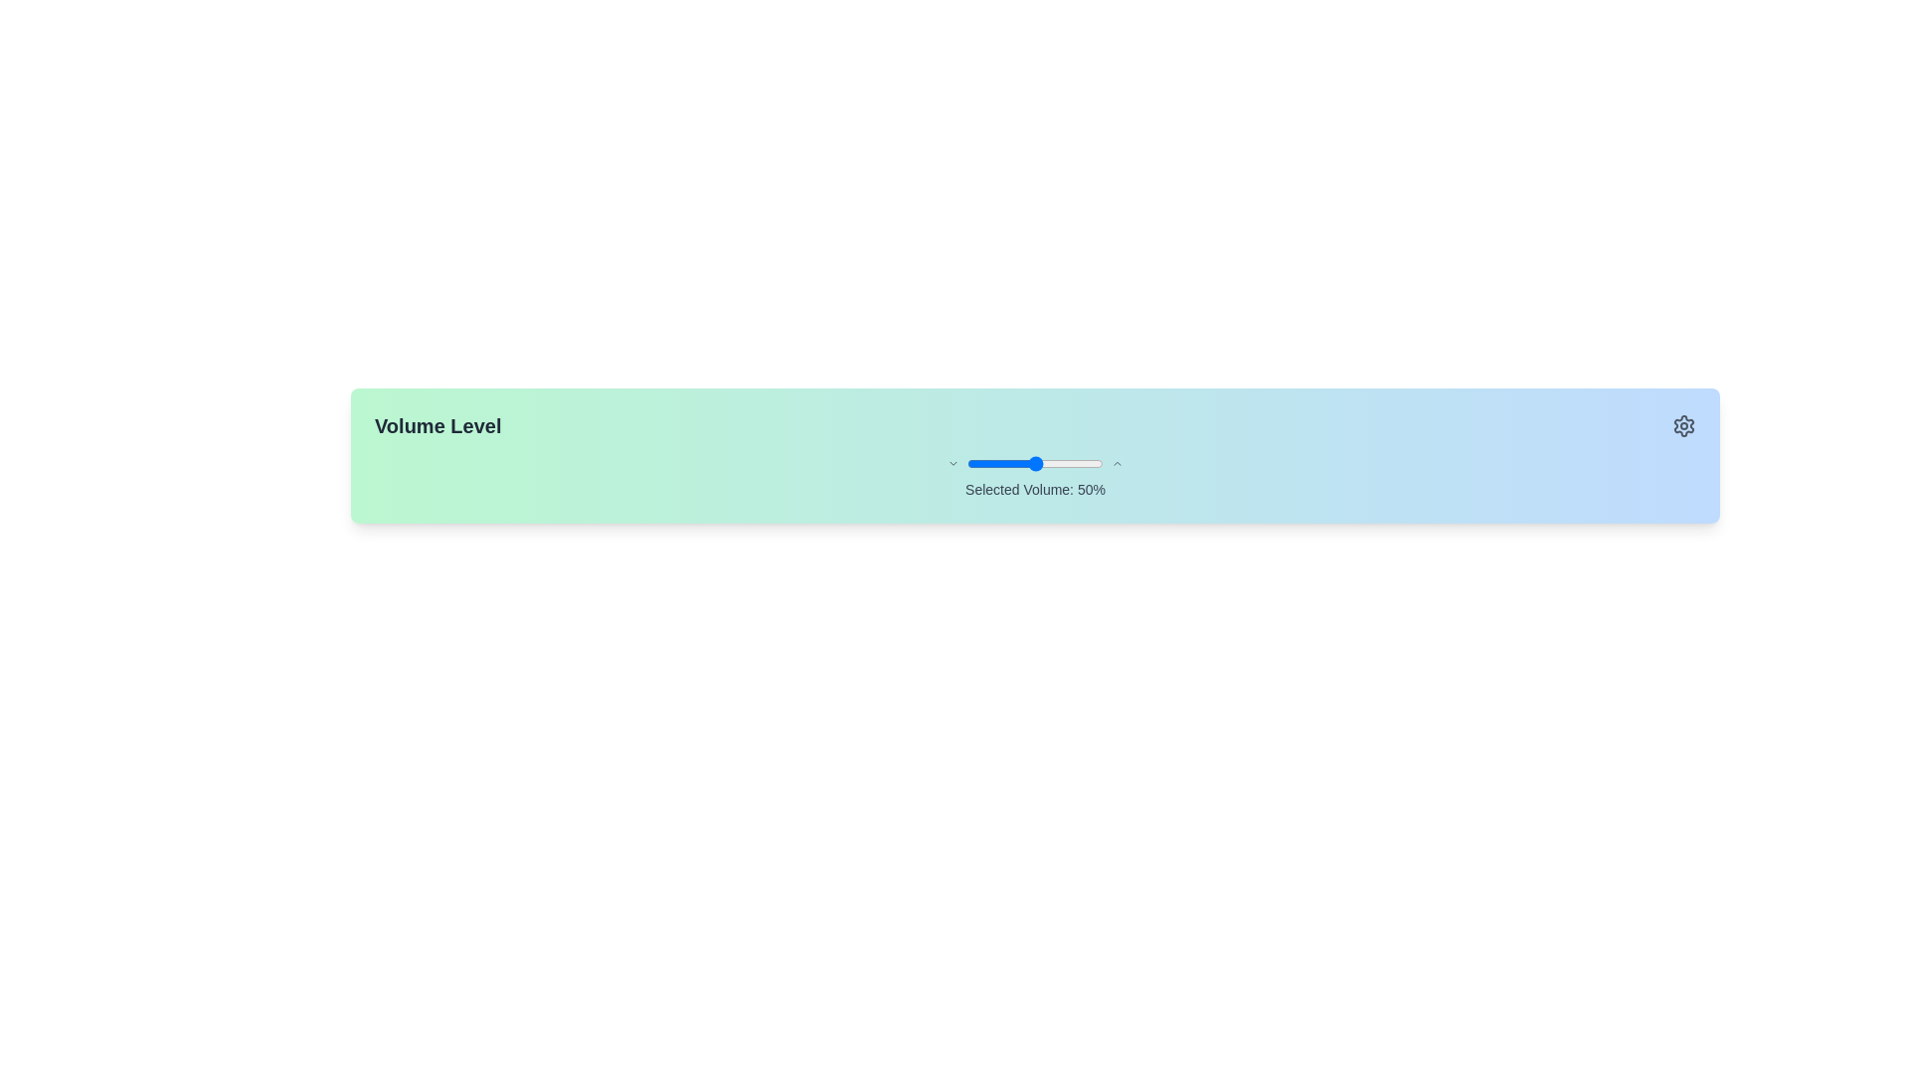  Describe the element at coordinates (1060, 463) in the screenshot. I see `the slider value` at that location.